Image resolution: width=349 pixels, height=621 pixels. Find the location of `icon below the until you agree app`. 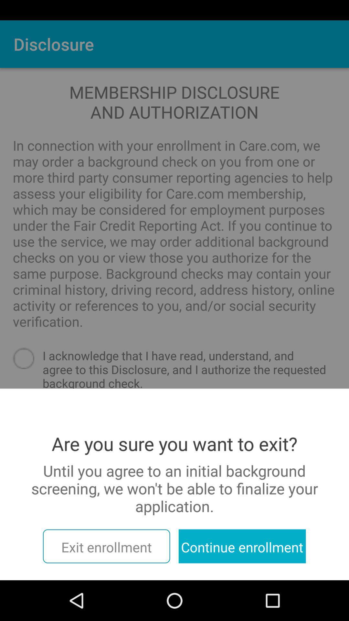

icon below the until you agree app is located at coordinates (106, 546).